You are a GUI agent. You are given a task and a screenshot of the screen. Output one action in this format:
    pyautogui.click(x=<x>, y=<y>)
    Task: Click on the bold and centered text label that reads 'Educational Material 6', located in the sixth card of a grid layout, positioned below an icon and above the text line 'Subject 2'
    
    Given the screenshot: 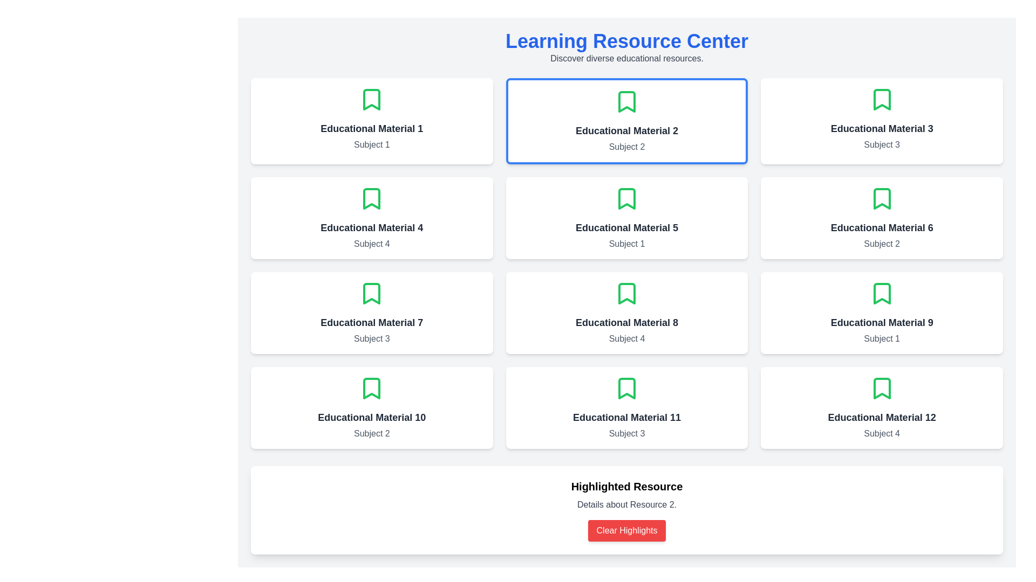 What is the action you would take?
    pyautogui.click(x=882, y=227)
    